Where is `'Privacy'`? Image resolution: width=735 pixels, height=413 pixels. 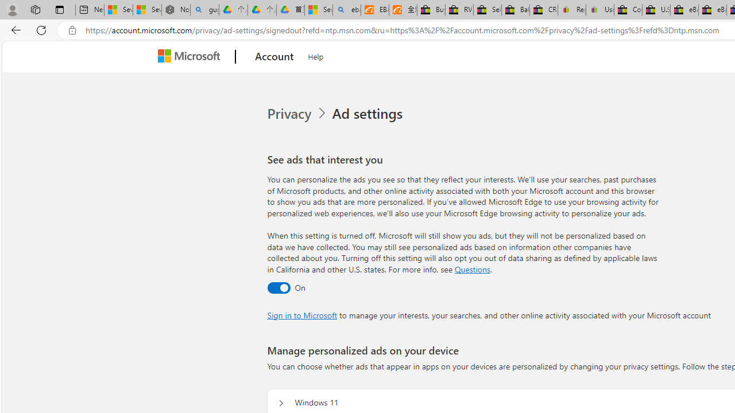
'Privacy' is located at coordinates (290, 114).